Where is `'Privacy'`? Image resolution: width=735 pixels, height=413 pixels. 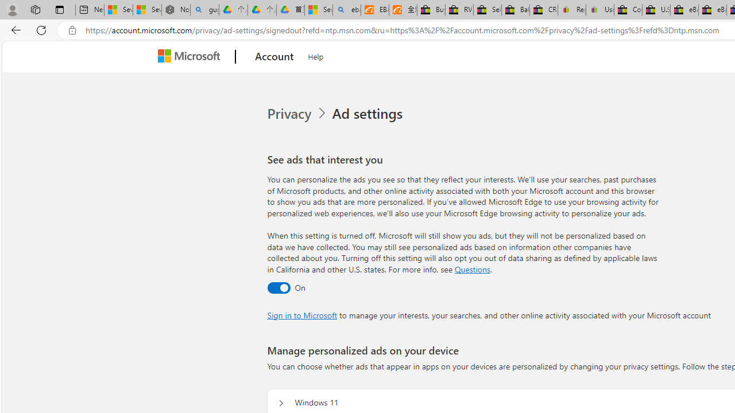
'Privacy' is located at coordinates (290, 114).